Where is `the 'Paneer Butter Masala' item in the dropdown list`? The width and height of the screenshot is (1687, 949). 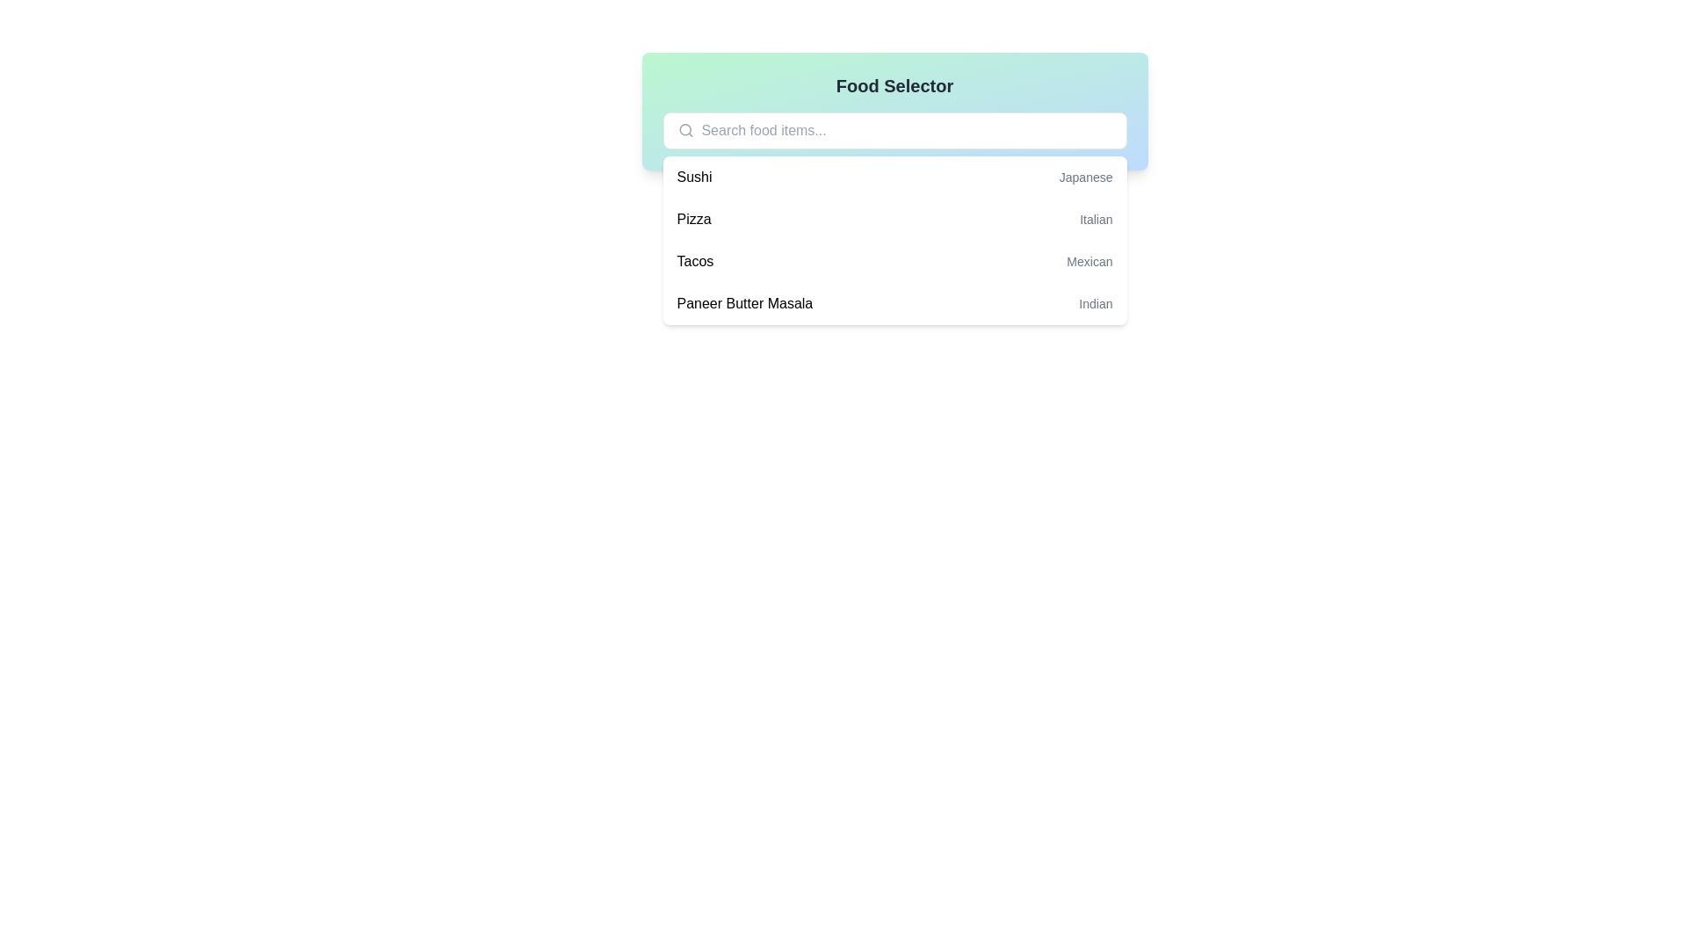 the 'Paneer Butter Masala' item in the dropdown list is located at coordinates (894, 303).